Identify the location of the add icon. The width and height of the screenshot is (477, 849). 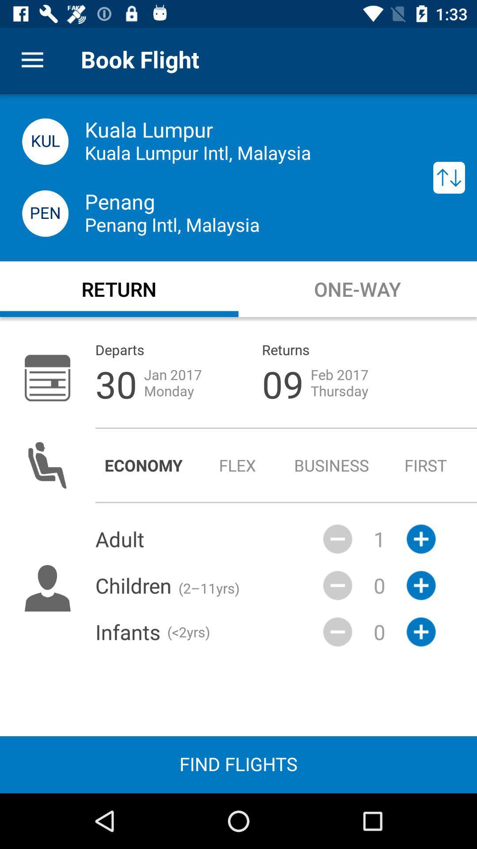
(420, 631).